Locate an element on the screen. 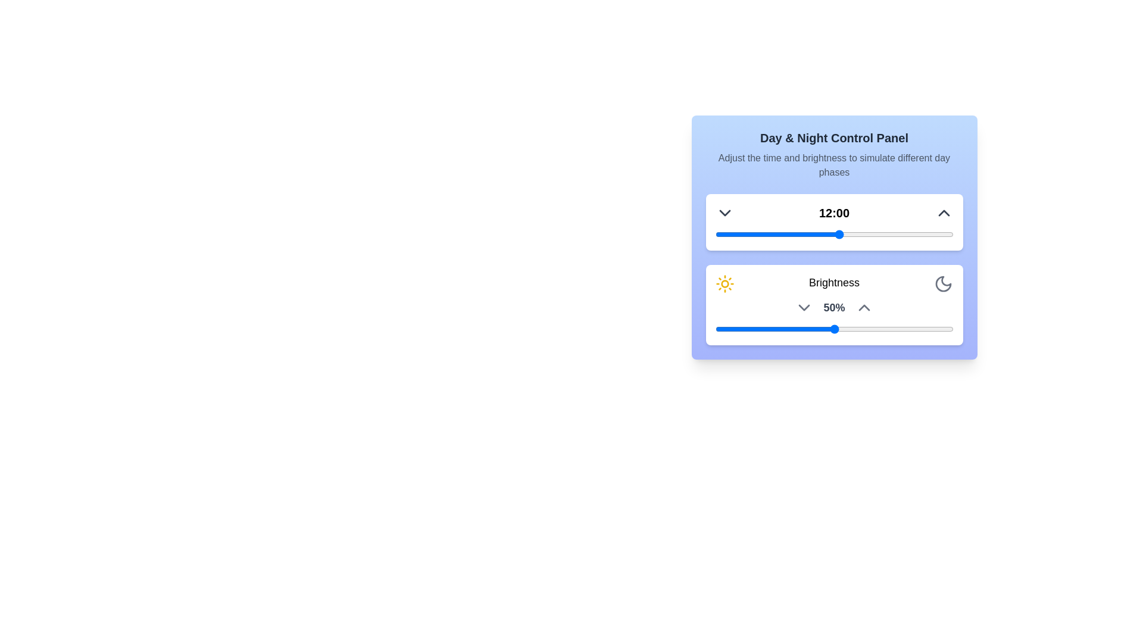 The width and height of the screenshot is (1143, 643). the current selected time value label located in the Day & Night Control Panel, which is flanked by a down arrow on the left and an up arrow on the right is located at coordinates (833, 213).